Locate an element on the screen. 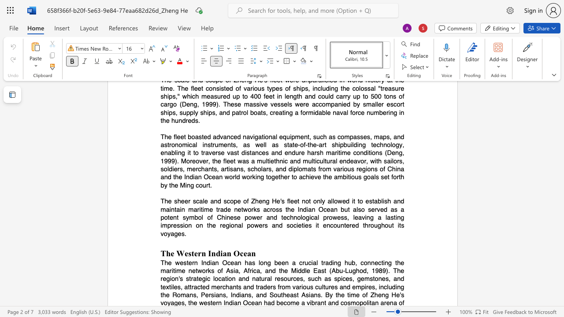  the subset text "onal powers and s" within the text "on the regional powers and societies it" is located at coordinates (230, 225).